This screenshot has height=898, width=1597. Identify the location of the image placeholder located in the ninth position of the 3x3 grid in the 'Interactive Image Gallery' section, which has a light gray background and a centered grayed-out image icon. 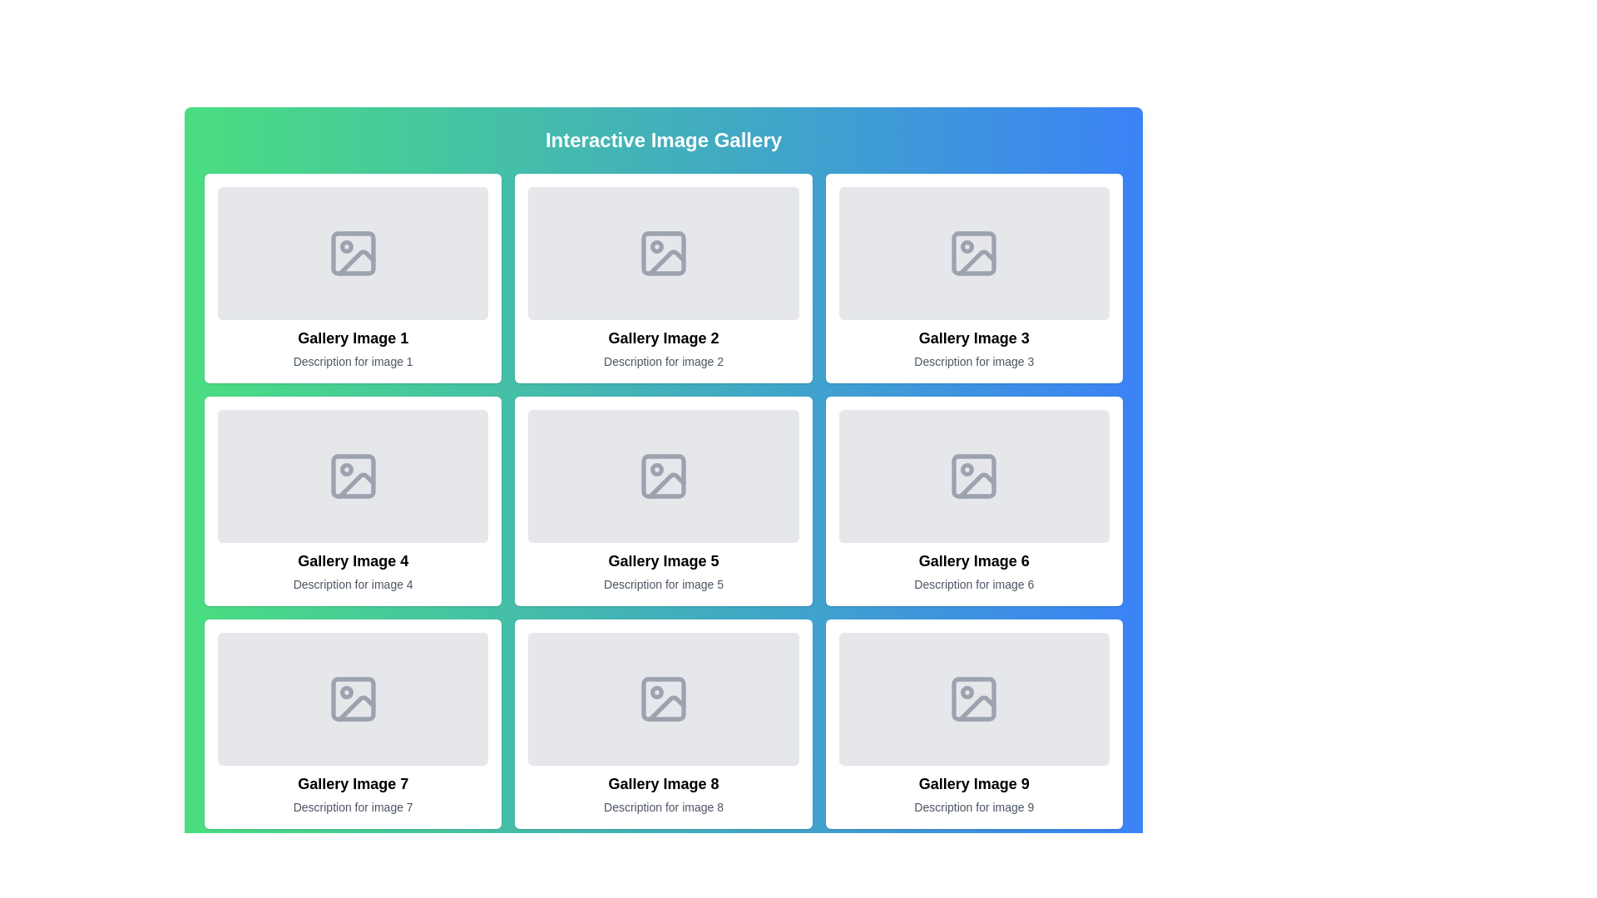
(974, 698).